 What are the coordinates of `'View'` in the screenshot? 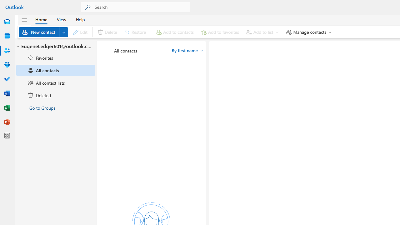 It's located at (61, 19).